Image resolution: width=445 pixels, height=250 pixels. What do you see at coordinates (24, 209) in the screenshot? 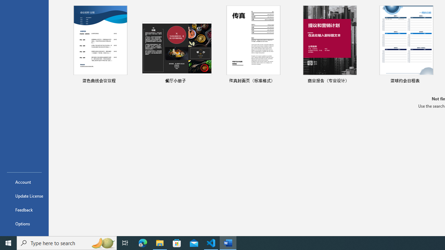
I see `'Feedback'` at bounding box center [24, 209].